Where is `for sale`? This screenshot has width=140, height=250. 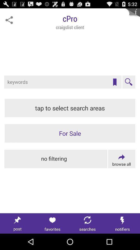 for sale is located at coordinates (70, 133).